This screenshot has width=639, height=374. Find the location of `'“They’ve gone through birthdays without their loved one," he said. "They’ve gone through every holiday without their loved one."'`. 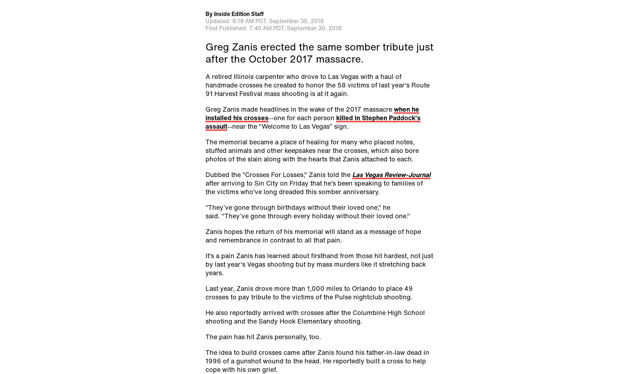

'“They’ve gone through birthdays without their loved one," he said. "They’ve gone through every holiday without their loved one."' is located at coordinates (307, 210).